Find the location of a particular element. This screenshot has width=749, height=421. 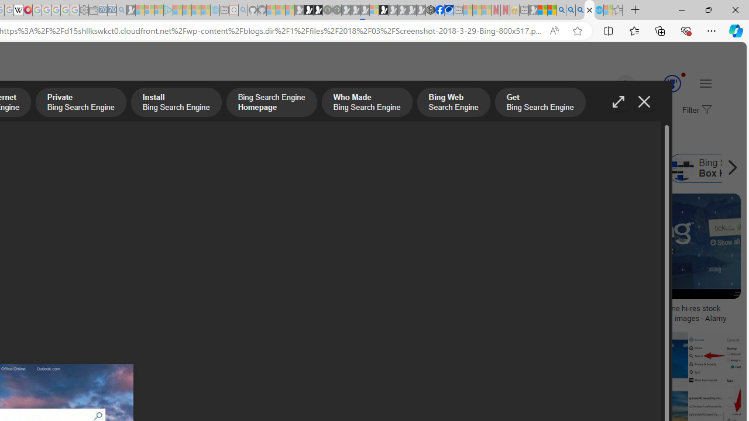

'Get Bing Search Engine' is located at coordinates (539, 103).